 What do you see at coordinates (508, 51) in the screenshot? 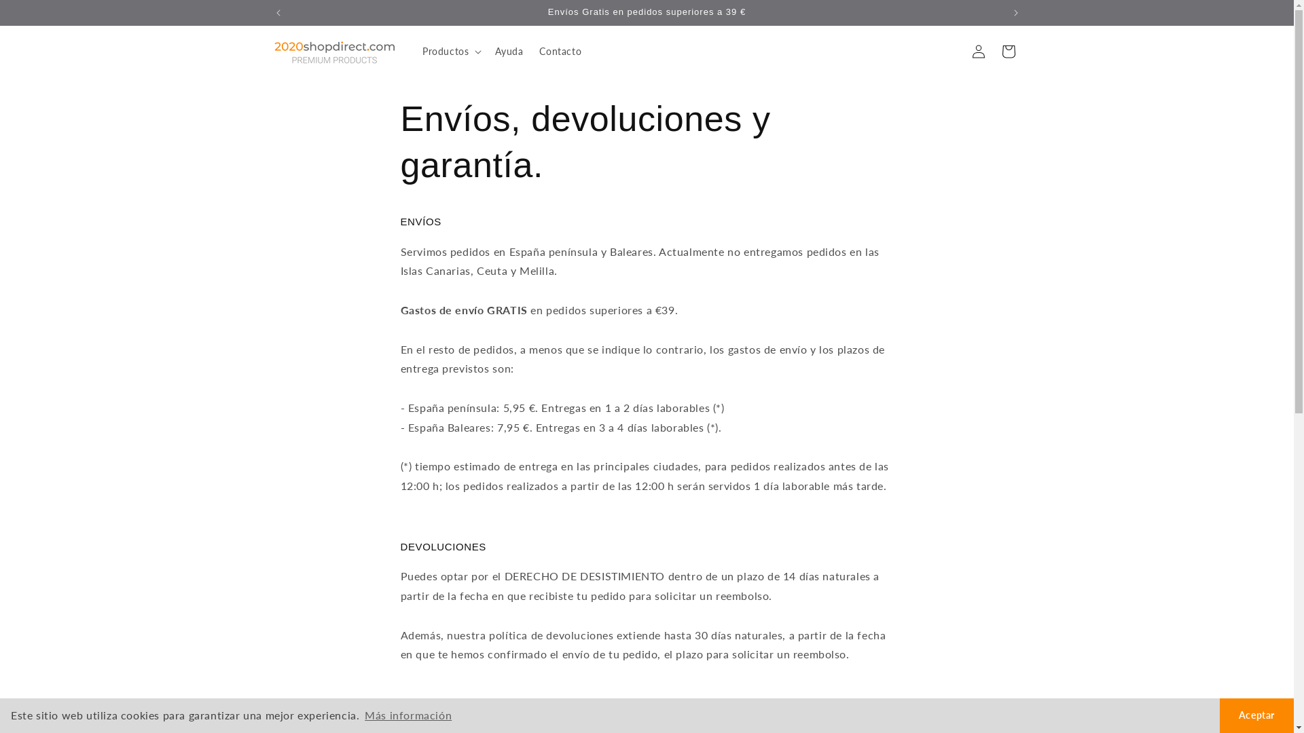
I see `'Ayuda'` at bounding box center [508, 51].